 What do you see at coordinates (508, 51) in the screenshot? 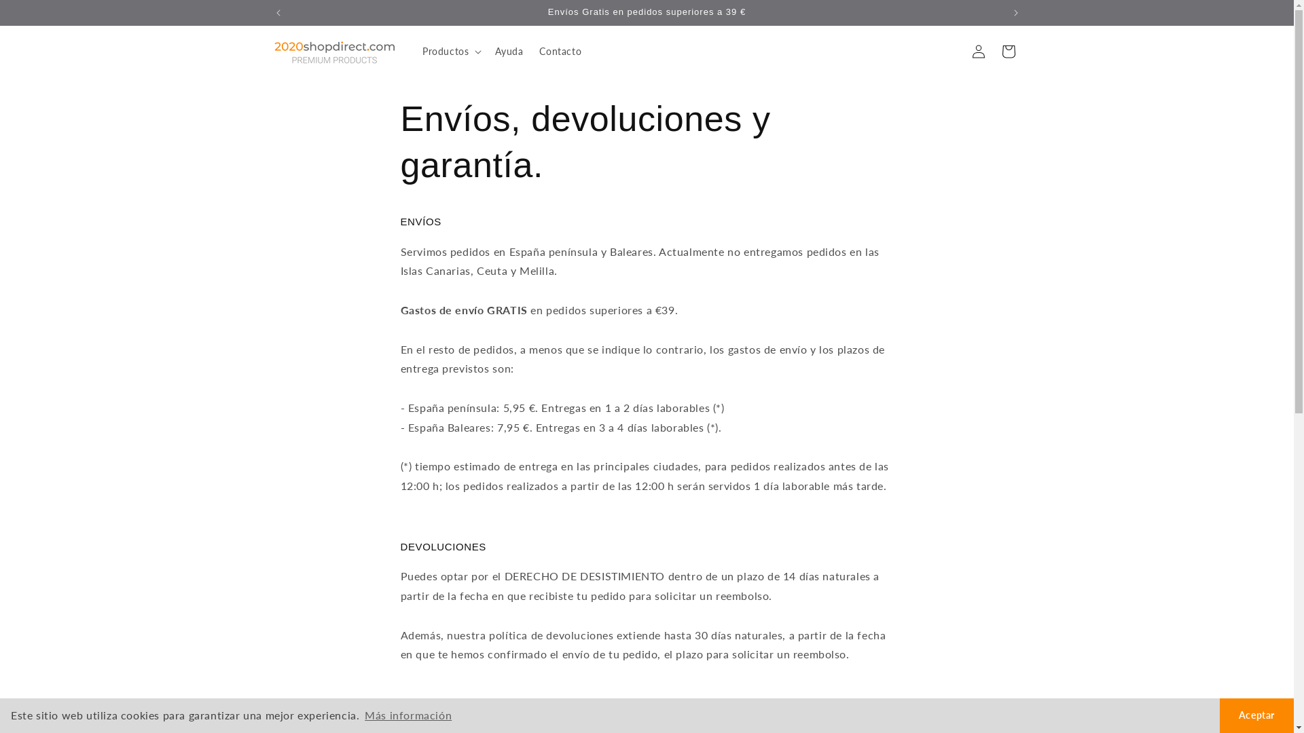
I see `'Ayuda'` at bounding box center [508, 51].